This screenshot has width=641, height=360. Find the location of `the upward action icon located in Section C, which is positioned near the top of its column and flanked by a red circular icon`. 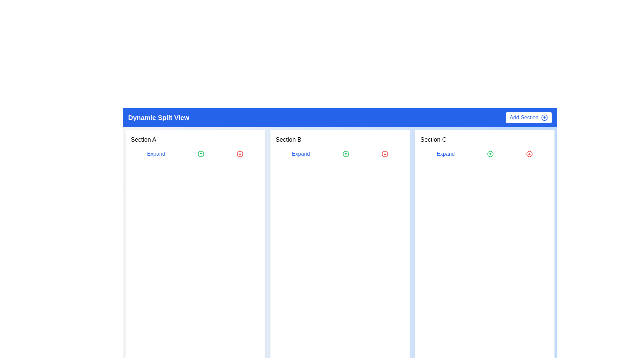

the upward action icon located in Section C, which is positioned near the top of its column and flanked by a red circular icon is located at coordinates (490, 154).